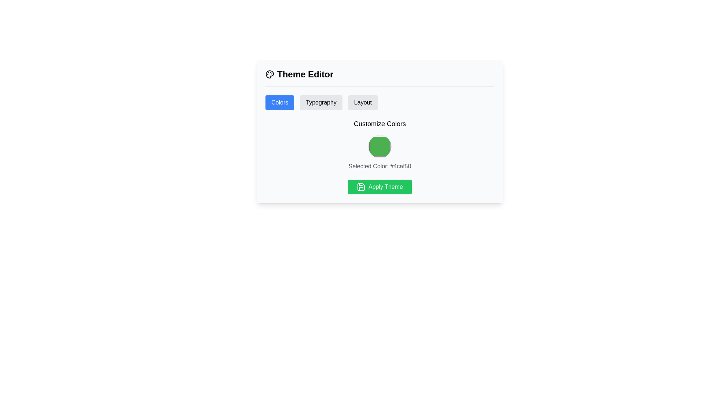 The width and height of the screenshot is (704, 396). I want to click on the visual indicator icon on the left side of the 'Apply Theme' button, so click(361, 186).